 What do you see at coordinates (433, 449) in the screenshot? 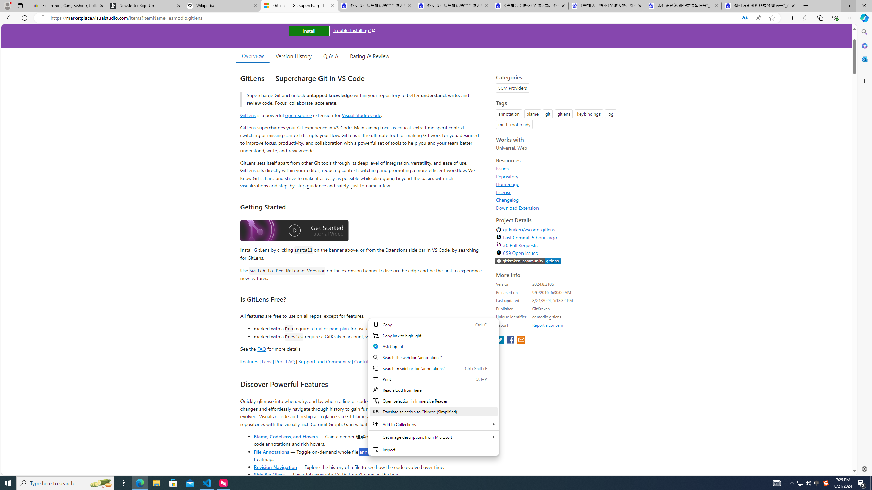
I see `'Inspect'` at bounding box center [433, 449].